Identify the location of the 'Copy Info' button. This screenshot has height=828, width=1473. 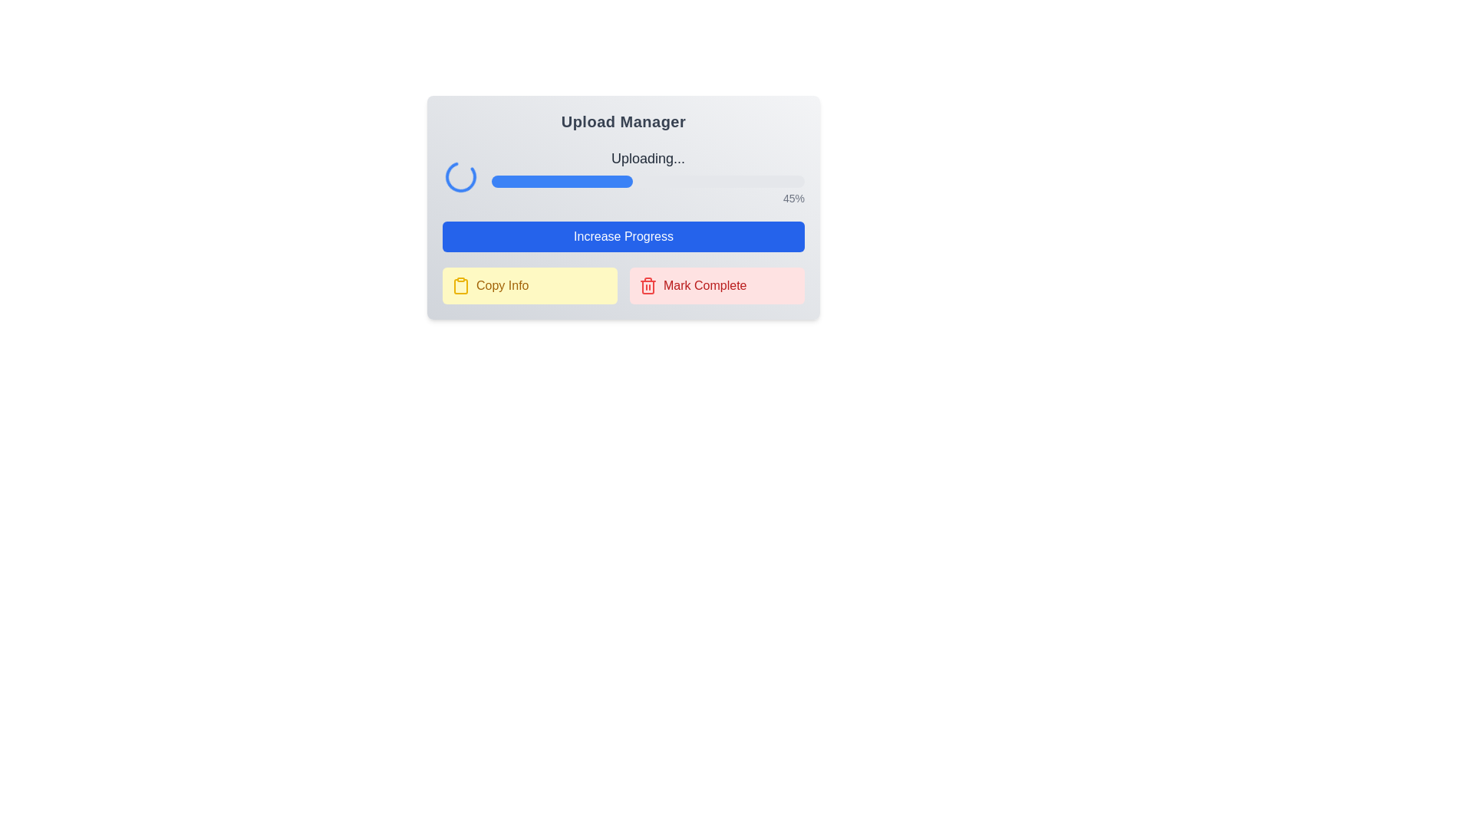
(530, 286).